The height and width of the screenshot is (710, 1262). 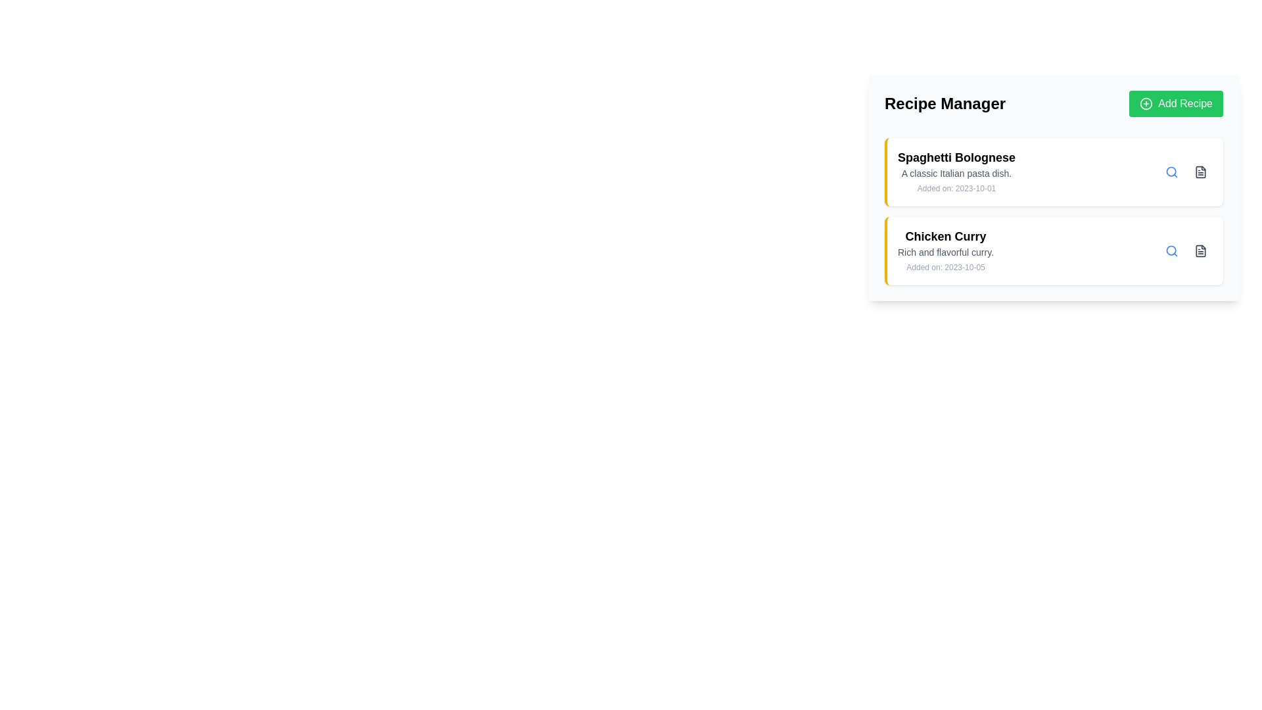 What do you see at coordinates (1171, 250) in the screenshot?
I see `the circular element within the SVG graphic that resembles part of a magnifying glass icon, which is located near the text entry area labeled 'Spaghetti Bolognese'` at bounding box center [1171, 250].